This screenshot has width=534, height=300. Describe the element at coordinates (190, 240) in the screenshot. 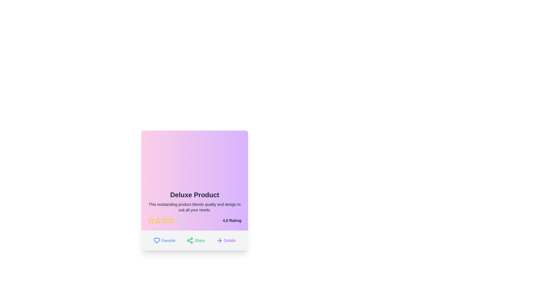

I see `the share icon element` at that location.